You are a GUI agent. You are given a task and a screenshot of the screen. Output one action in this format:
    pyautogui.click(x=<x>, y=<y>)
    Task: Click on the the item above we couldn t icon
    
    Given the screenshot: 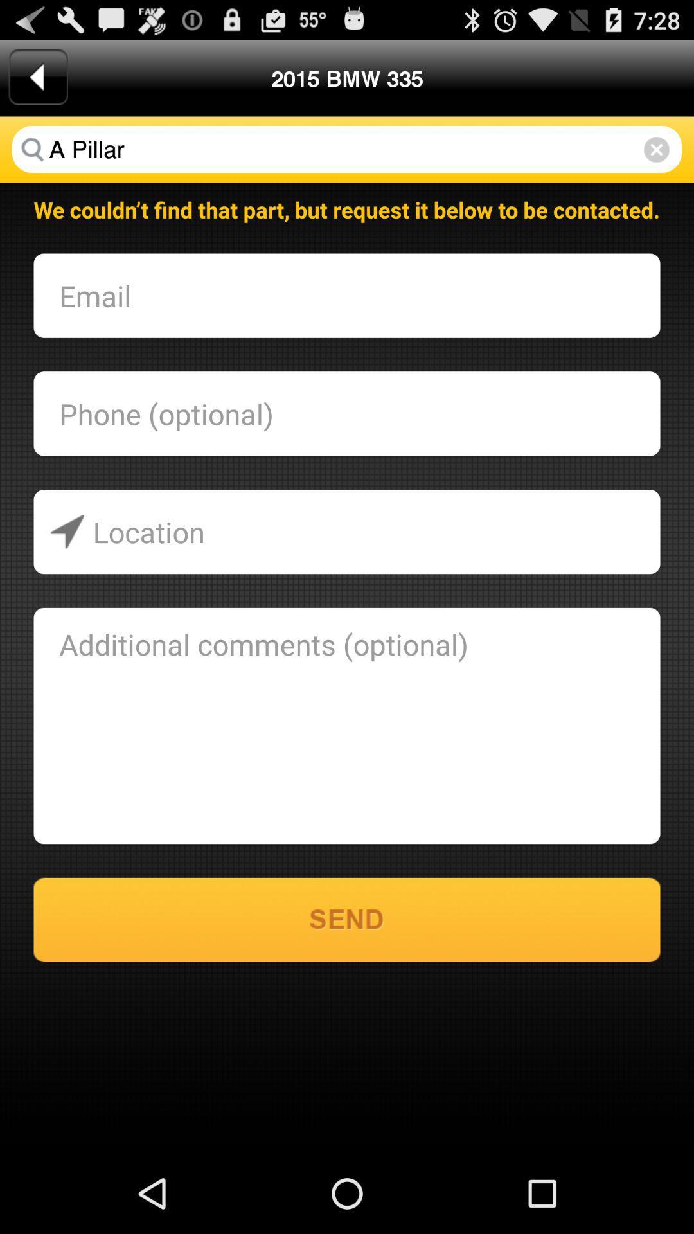 What is the action you would take?
    pyautogui.click(x=656, y=149)
    